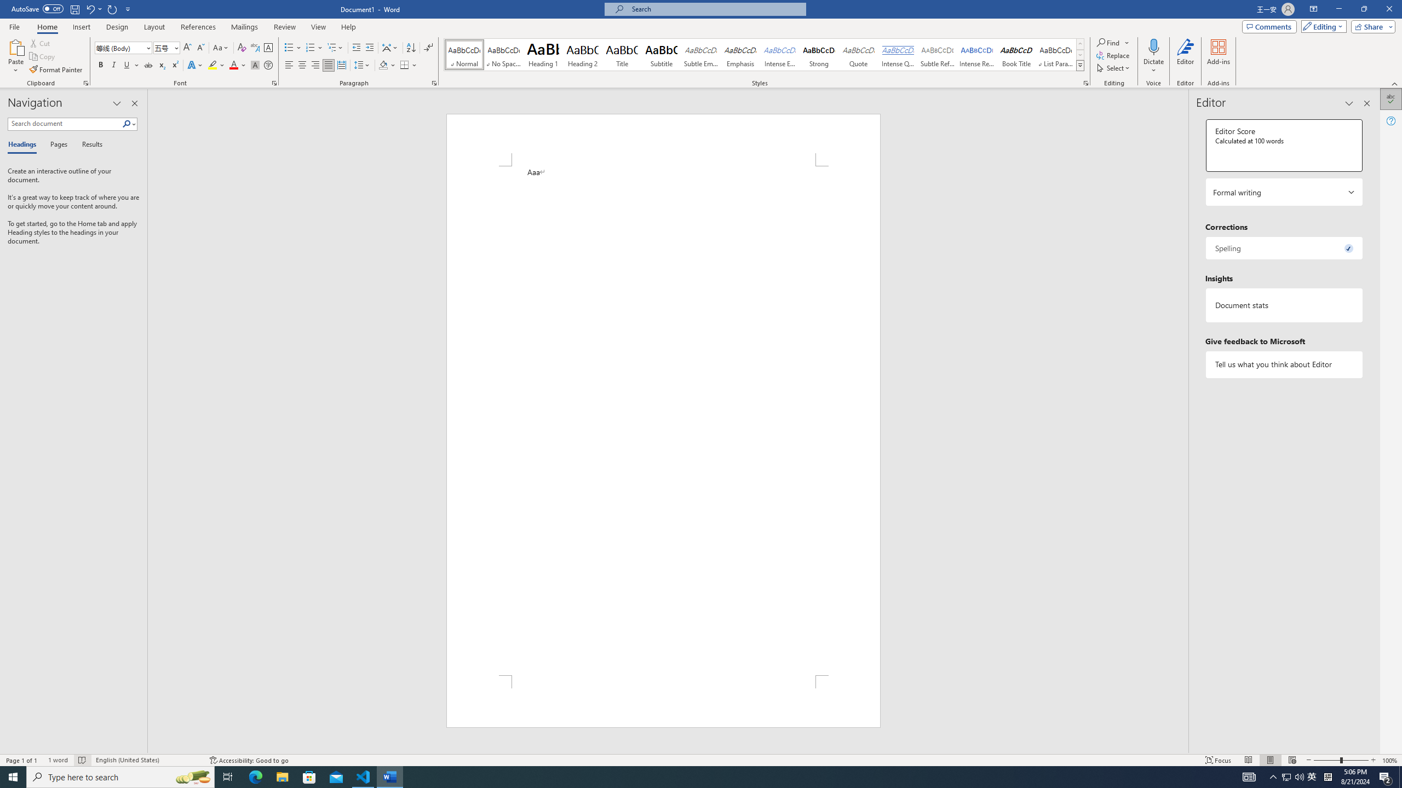 The height and width of the screenshot is (788, 1402). I want to click on 'Decrease Indent', so click(357, 48).